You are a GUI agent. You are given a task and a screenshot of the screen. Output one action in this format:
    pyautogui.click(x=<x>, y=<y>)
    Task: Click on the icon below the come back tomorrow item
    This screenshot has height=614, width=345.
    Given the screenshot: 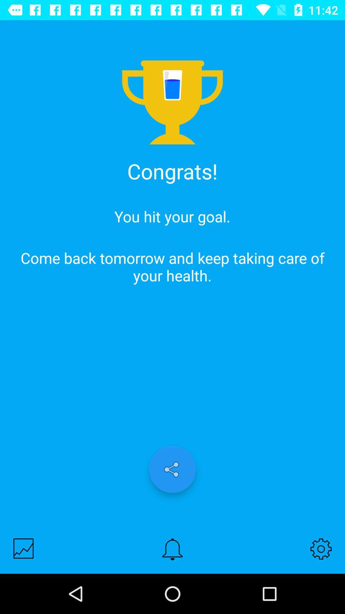 What is the action you would take?
    pyautogui.click(x=172, y=469)
    